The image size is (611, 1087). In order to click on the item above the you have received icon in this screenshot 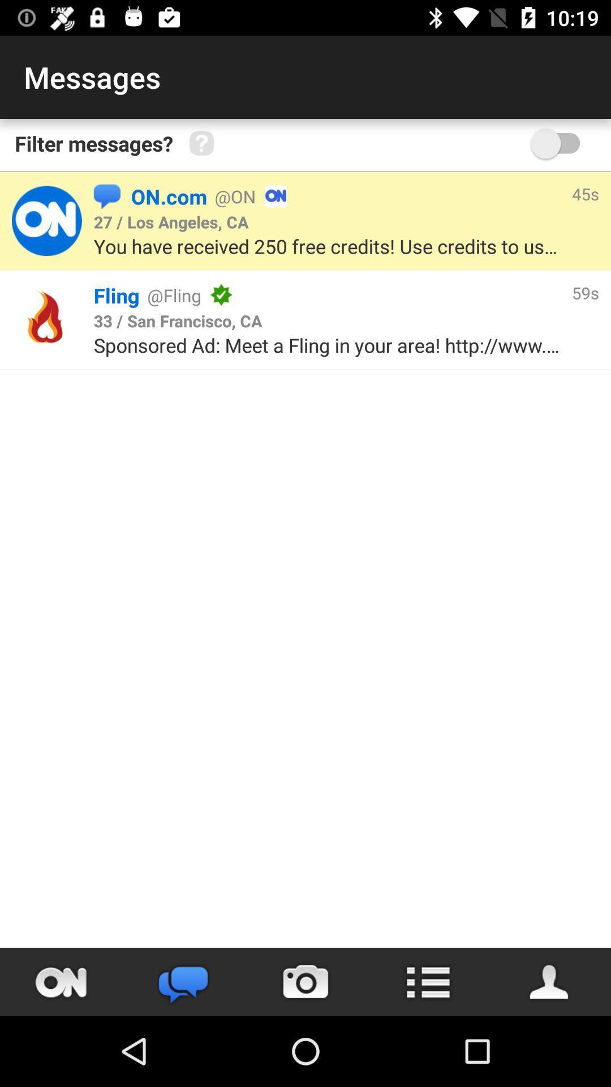, I will do `click(585, 194)`.